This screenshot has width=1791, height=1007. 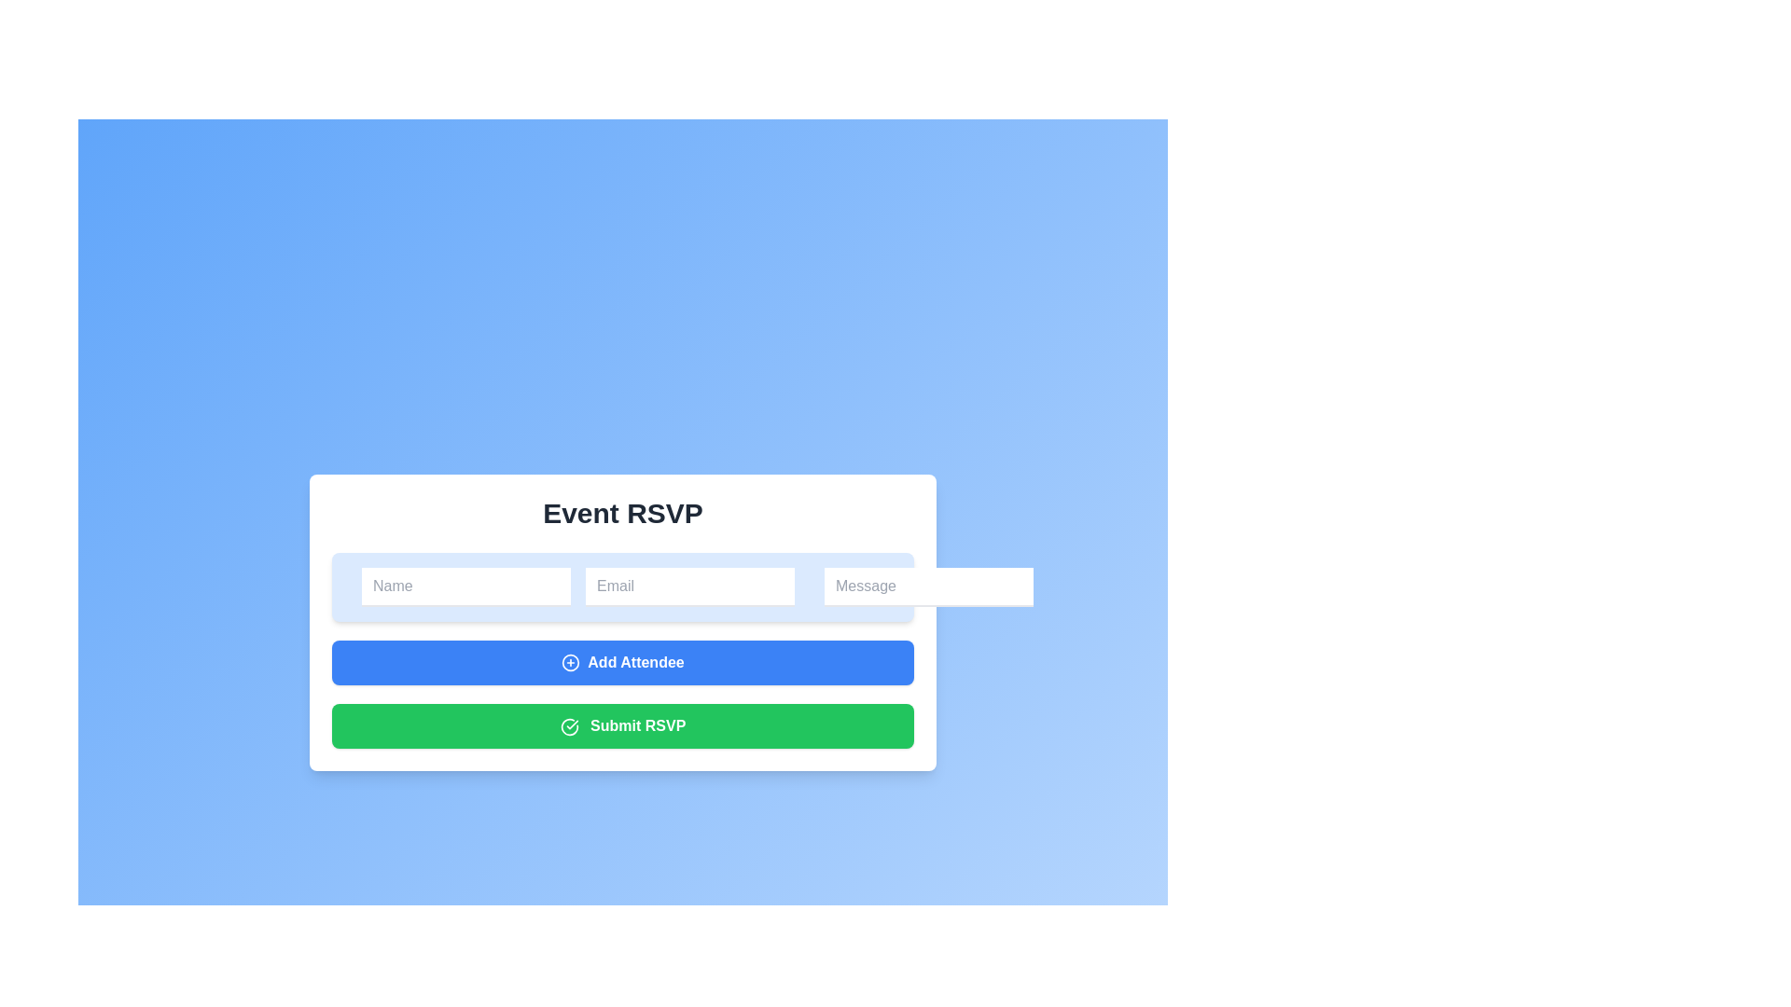 What do you see at coordinates (570, 661) in the screenshot?
I see `the decorative circular shape within the 'Add Attendee' button` at bounding box center [570, 661].